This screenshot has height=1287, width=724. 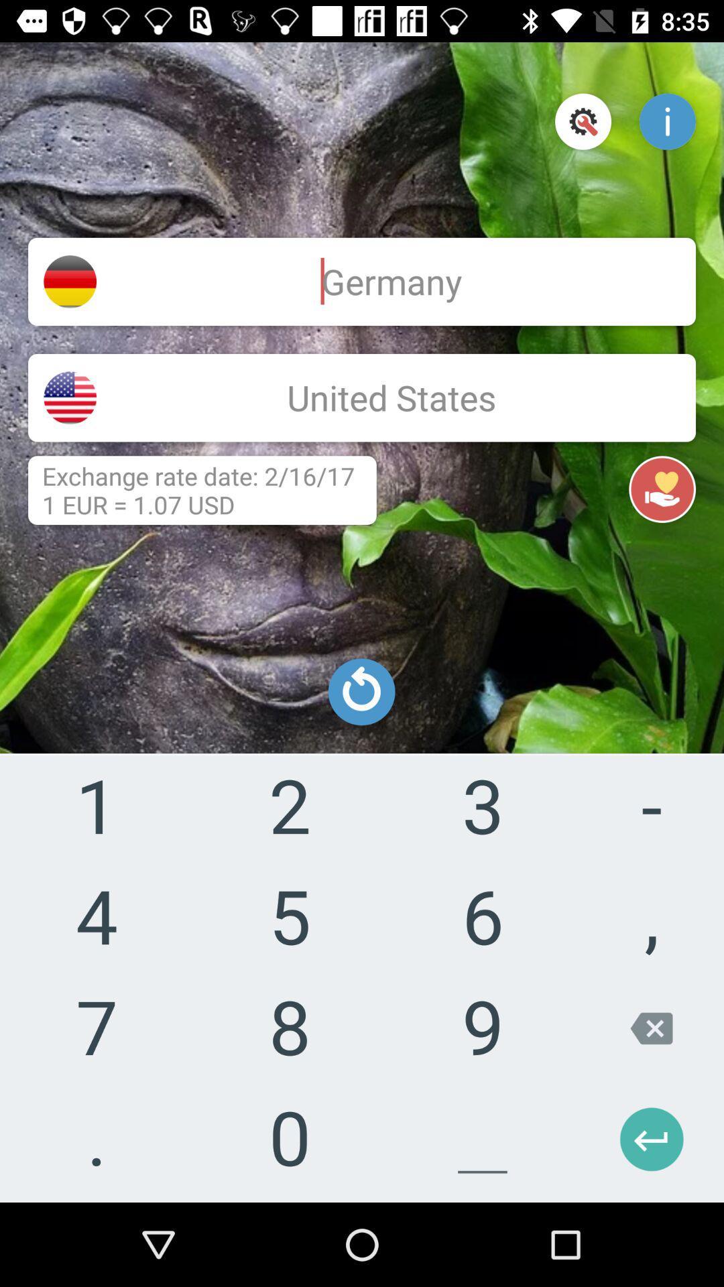 I want to click on the emoji icon, so click(x=621, y=1146).